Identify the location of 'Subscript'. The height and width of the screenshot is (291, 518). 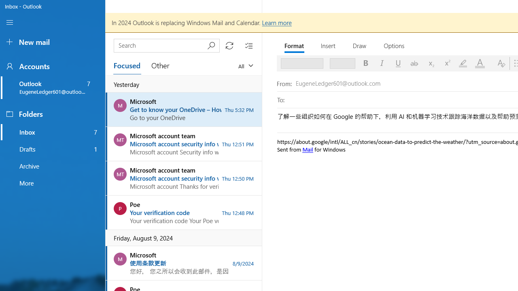
(430, 63).